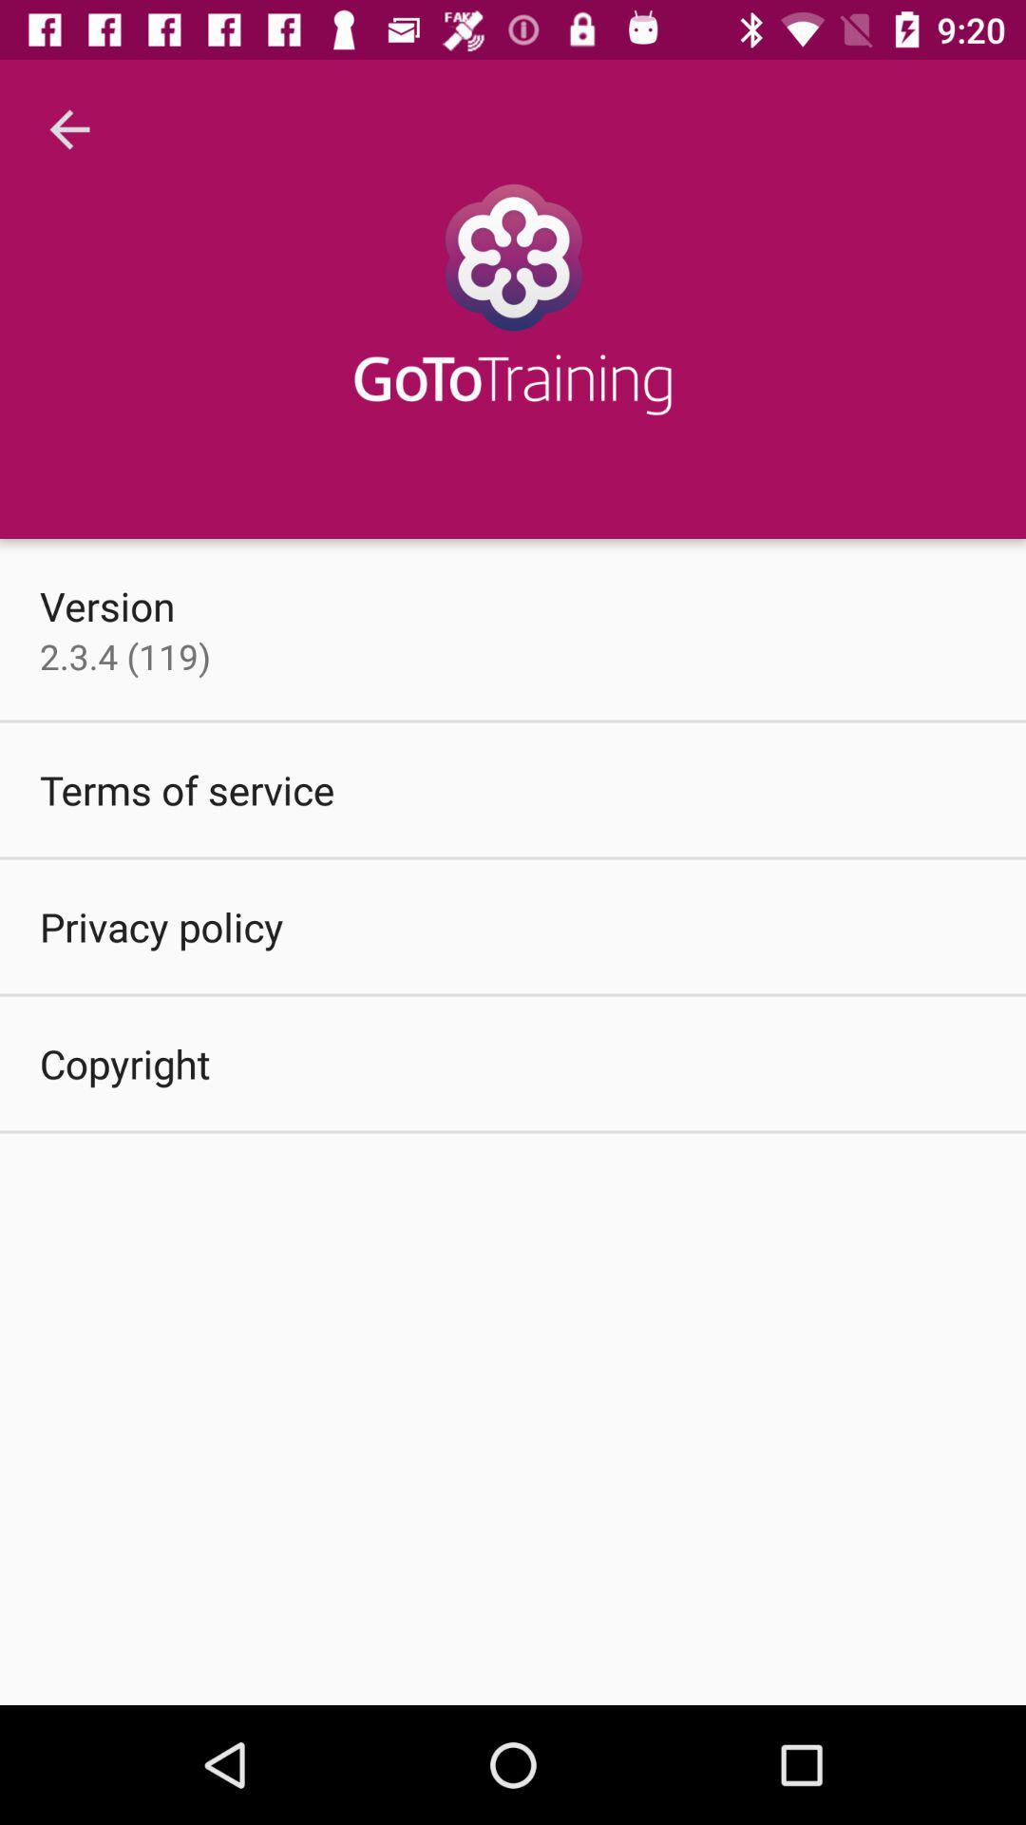 This screenshot has height=1825, width=1026. What do you see at coordinates (107, 605) in the screenshot?
I see `version` at bounding box center [107, 605].